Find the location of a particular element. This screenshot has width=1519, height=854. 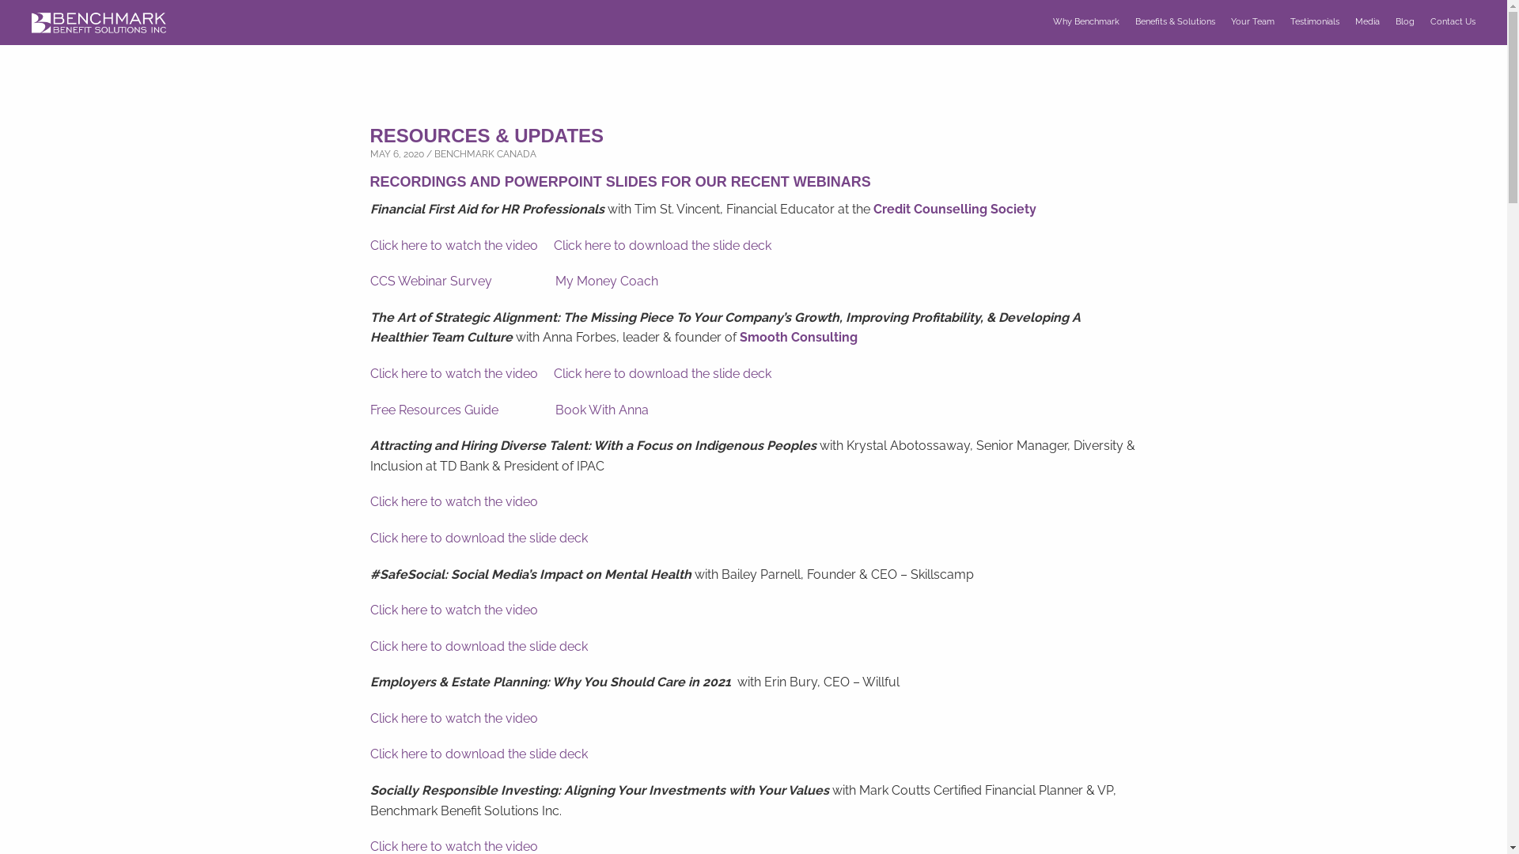

'Free Resources Guide' is located at coordinates (369, 409).